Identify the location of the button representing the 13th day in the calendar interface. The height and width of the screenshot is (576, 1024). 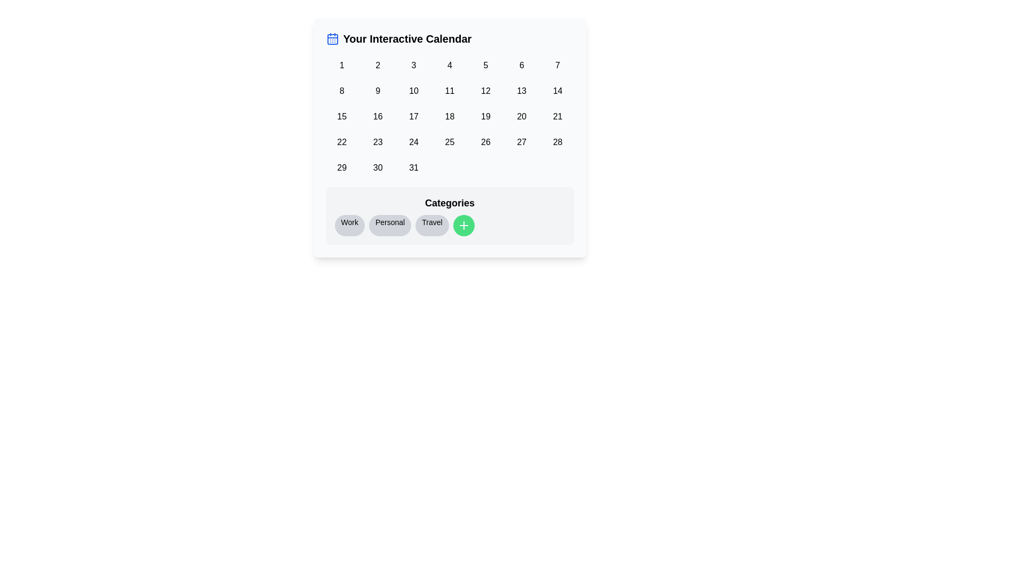
(522, 90).